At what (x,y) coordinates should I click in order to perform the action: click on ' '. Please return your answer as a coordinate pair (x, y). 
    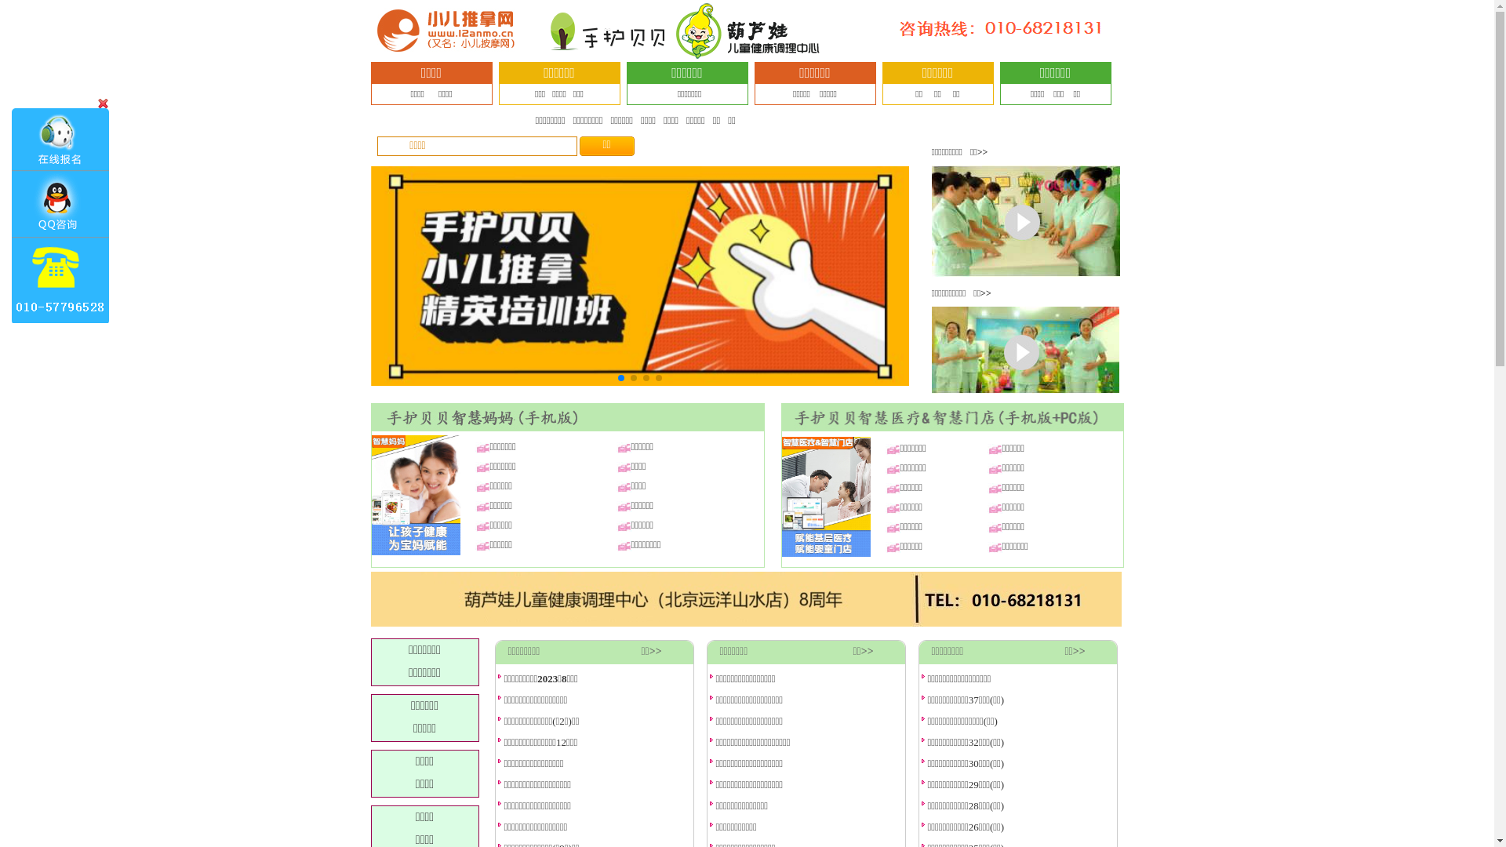
    Looking at the image, I should click on (61, 215).